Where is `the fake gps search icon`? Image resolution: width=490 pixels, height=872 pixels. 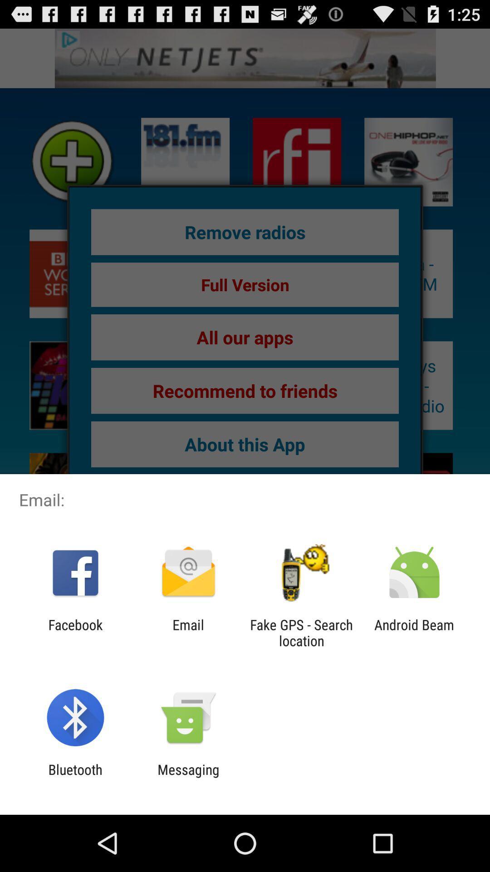
the fake gps search icon is located at coordinates (301, 632).